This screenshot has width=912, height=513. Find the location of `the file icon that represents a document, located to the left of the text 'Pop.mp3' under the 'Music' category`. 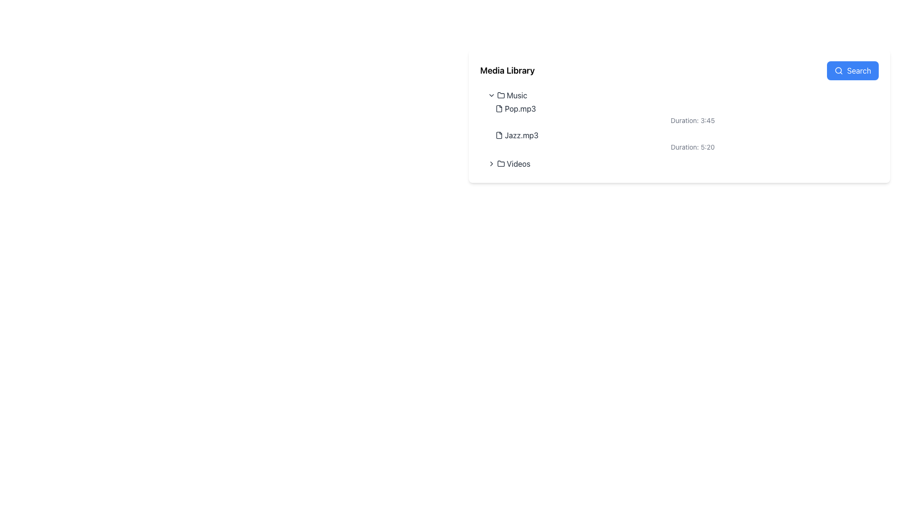

the file icon that represents a document, located to the left of the text 'Pop.mp3' under the 'Music' category is located at coordinates (499, 108).